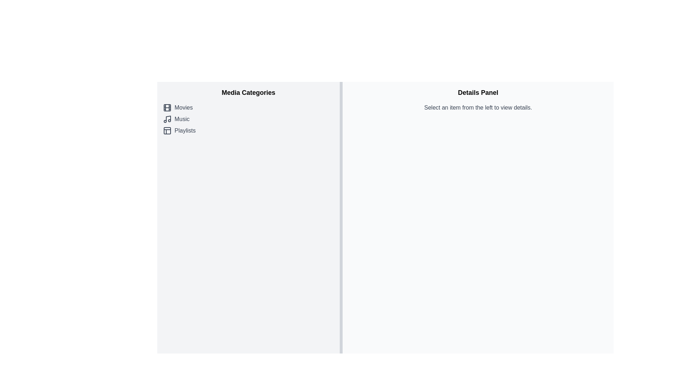  Describe the element at coordinates (248, 92) in the screenshot. I see `the Static text header located at the top of the left panel, which indicates the context for the section containing 'Movies', 'Music', and 'Playlists'` at that location.